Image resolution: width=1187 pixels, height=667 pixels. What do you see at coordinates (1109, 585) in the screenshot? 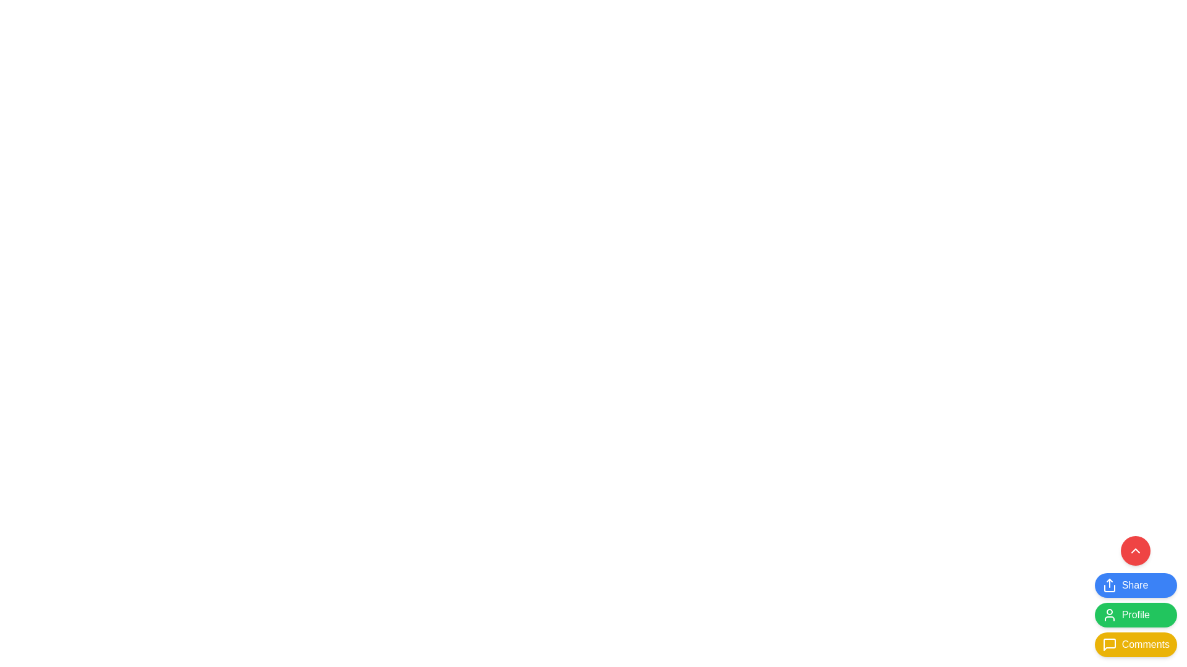
I see `the SVG-based icon representing the 'Share' function, which is located within the 'Share' button at the bottom-right portion of the interface` at bounding box center [1109, 585].